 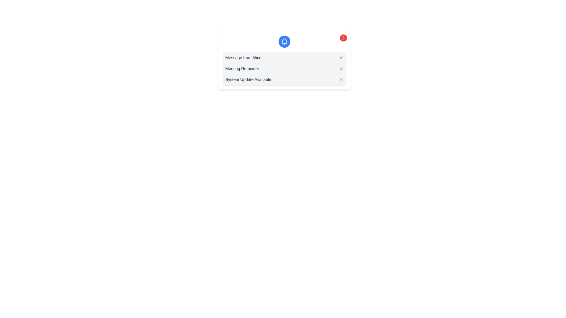 What do you see at coordinates (341, 79) in the screenshot?
I see `the close button located on the far right of the 'System Update Available' notification` at bounding box center [341, 79].